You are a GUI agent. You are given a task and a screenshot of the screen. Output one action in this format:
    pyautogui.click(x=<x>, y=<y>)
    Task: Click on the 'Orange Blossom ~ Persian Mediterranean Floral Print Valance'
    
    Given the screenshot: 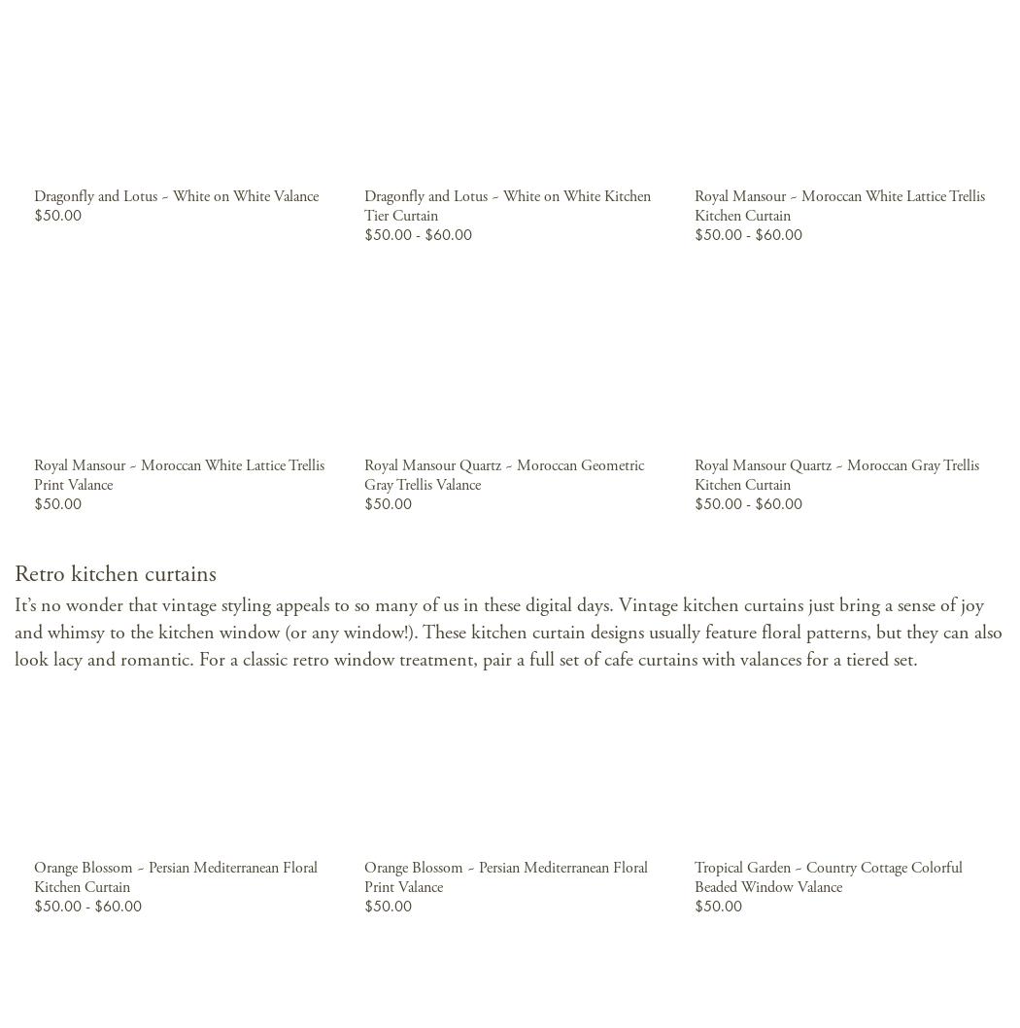 What is the action you would take?
    pyautogui.click(x=362, y=876)
    